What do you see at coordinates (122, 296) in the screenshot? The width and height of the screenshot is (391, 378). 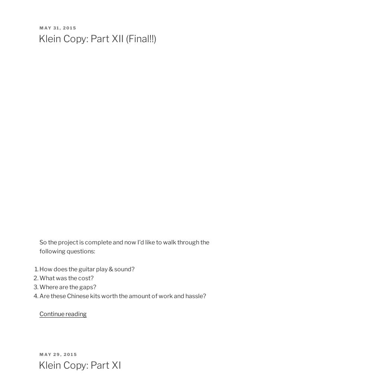 I see `'Are these Chinese kits worth the amount of work and hassle?'` at bounding box center [122, 296].